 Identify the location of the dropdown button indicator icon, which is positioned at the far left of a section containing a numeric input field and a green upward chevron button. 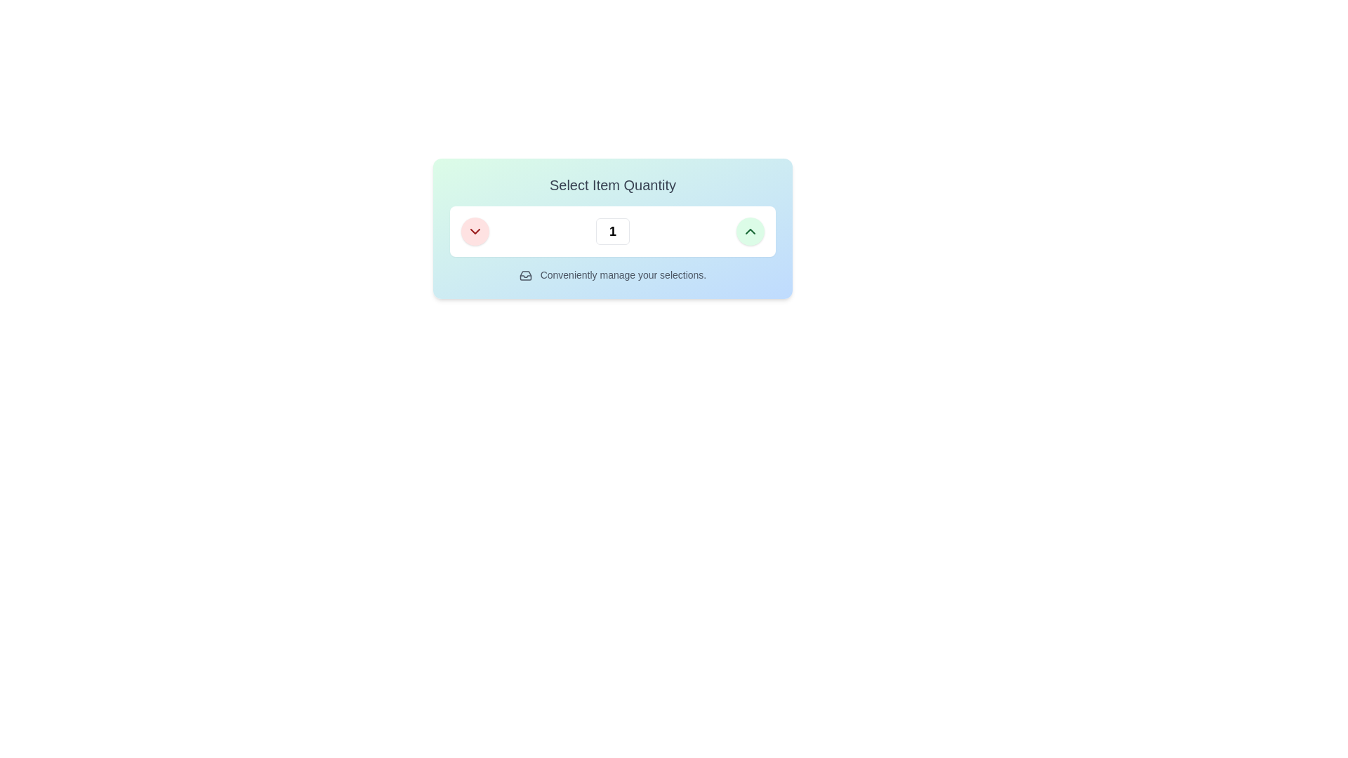
(475, 231).